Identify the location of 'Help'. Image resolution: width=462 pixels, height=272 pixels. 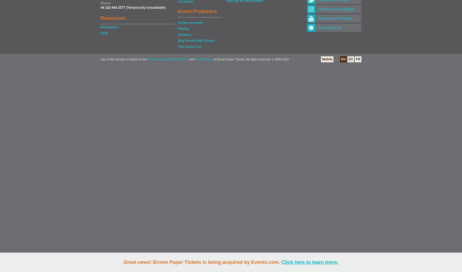
(104, 33).